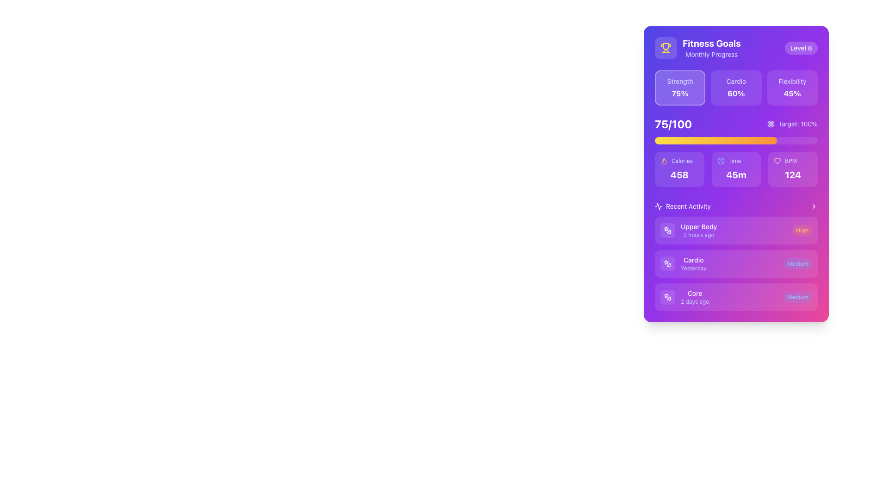  Describe the element at coordinates (736, 264) in the screenshot. I see `the 'Cardio' Information Card, which is the second card in the 'Recent Activity' list, indicating an activity summary completed yesterday with a medium difficulty level` at that location.